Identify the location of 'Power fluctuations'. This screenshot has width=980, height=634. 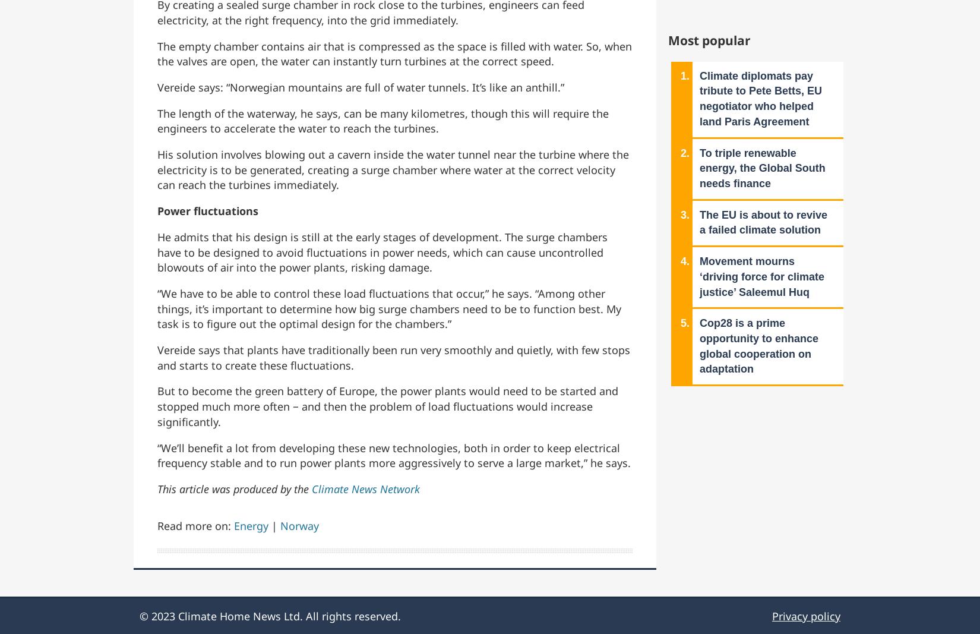
(209, 210).